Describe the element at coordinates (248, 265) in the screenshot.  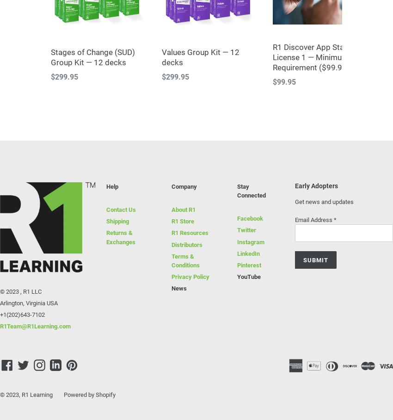
I see `'Pinterest'` at that location.